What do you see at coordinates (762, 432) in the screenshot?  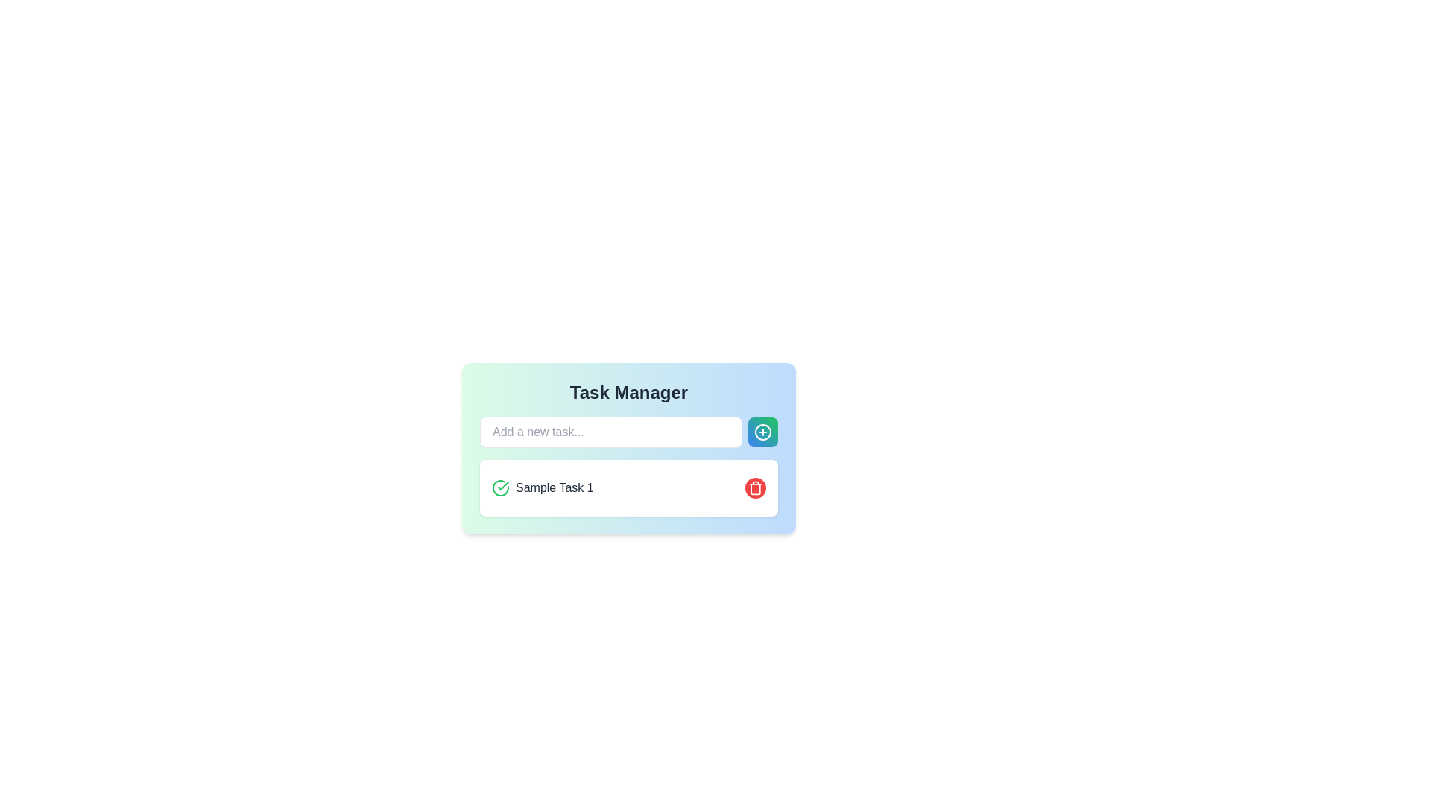 I see `the SVG Circle element that is the center of the plus icon located in the top-right corner of the Task Manager card` at bounding box center [762, 432].